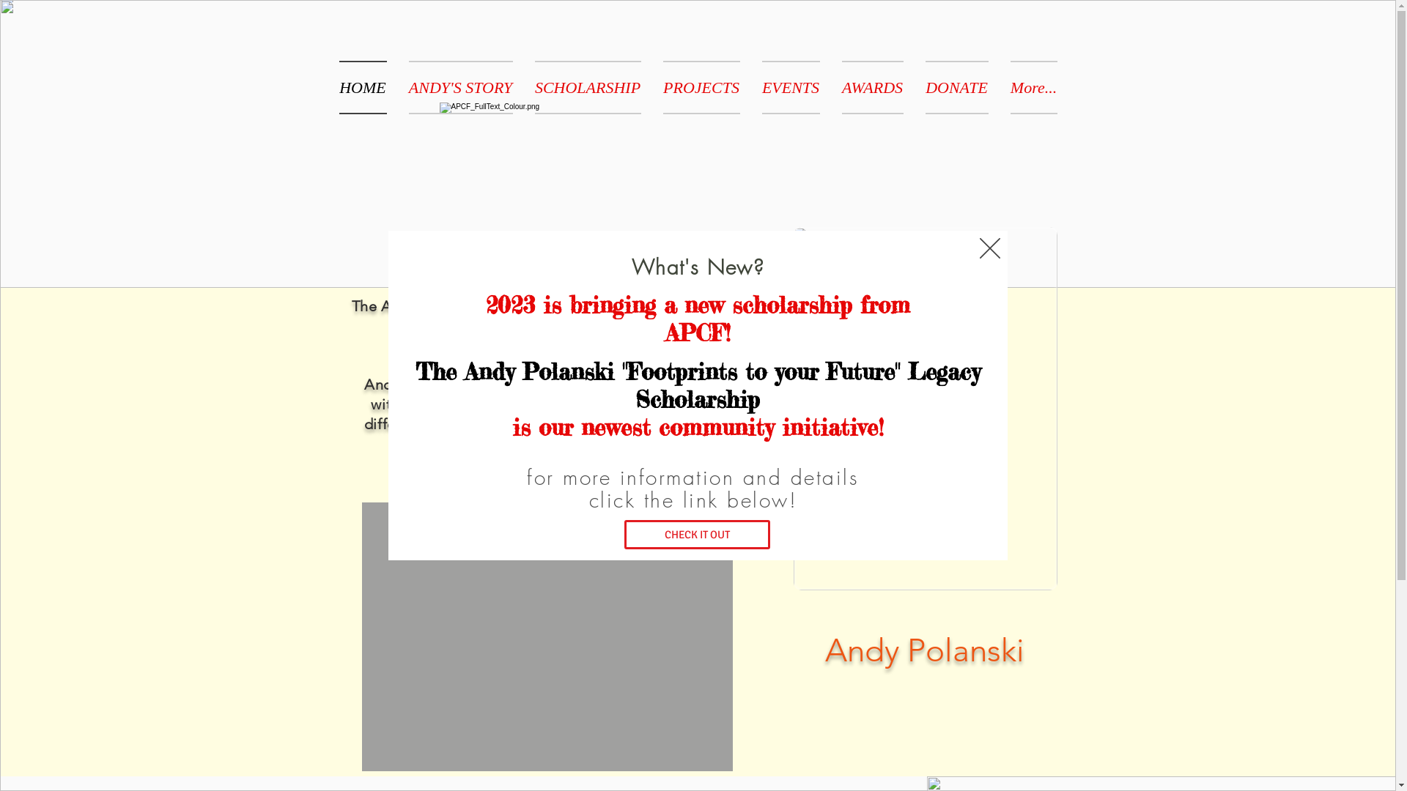  What do you see at coordinates (914, 87) in the screenshot?
I see `'DONATE'` at bounding box center [914, 87].